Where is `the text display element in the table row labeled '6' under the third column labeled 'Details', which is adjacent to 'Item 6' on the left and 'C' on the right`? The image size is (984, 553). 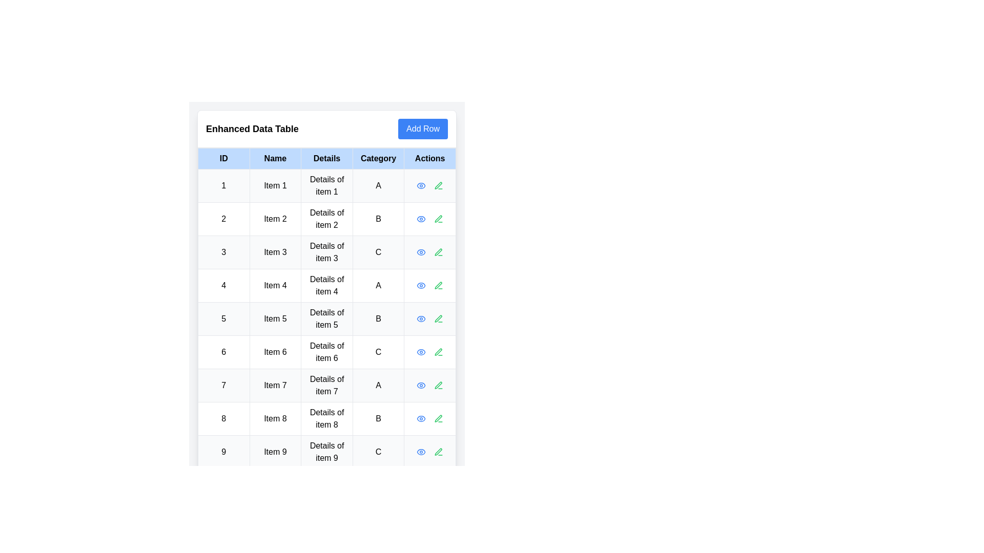 the text display element in the table row labeled '6' under the third column labeled 'Details', which is adjacent to 'Item 6' on the left and 'C' on the right is located at coordinates (326, 351).